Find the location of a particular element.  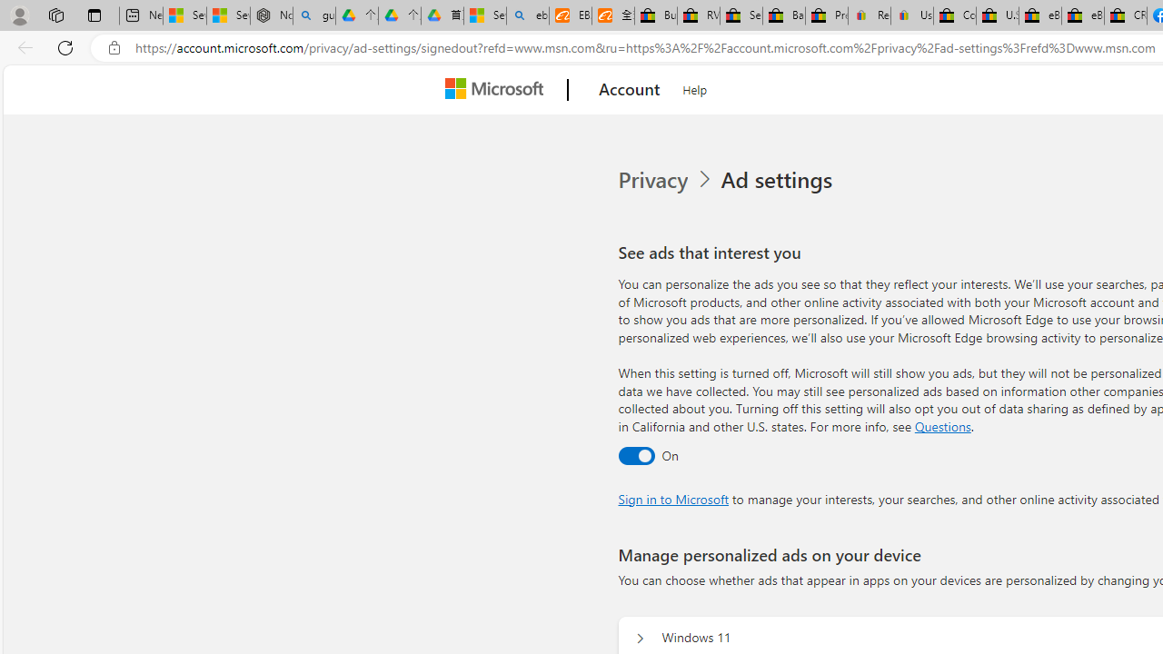

'Press Room - eBay Inc.' is located at coordinates (826, 15).